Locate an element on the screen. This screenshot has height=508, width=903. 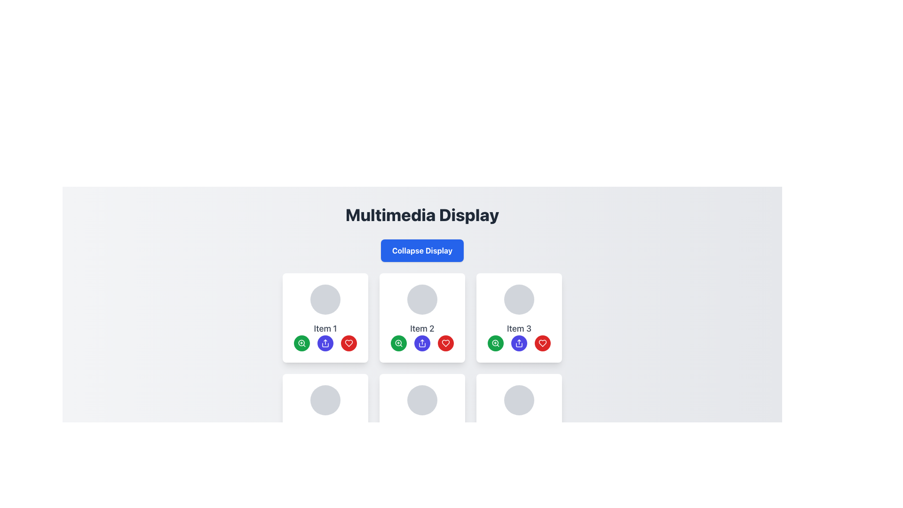
the 'Item 2' card located in the central position of the top row in a three-column grid layout is located at coordinates (421, 317).